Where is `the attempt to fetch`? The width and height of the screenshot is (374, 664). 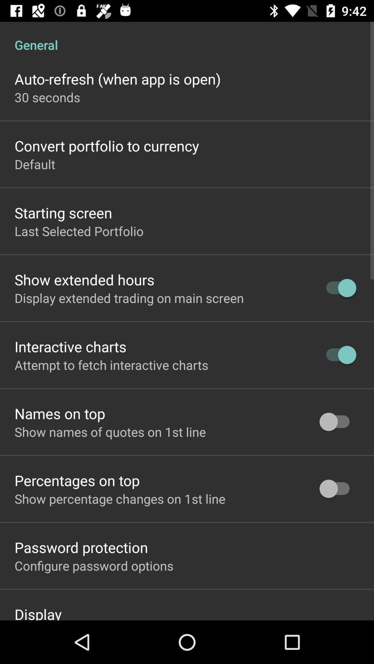
the attempt to fetch is located at coordinates (111, 365).